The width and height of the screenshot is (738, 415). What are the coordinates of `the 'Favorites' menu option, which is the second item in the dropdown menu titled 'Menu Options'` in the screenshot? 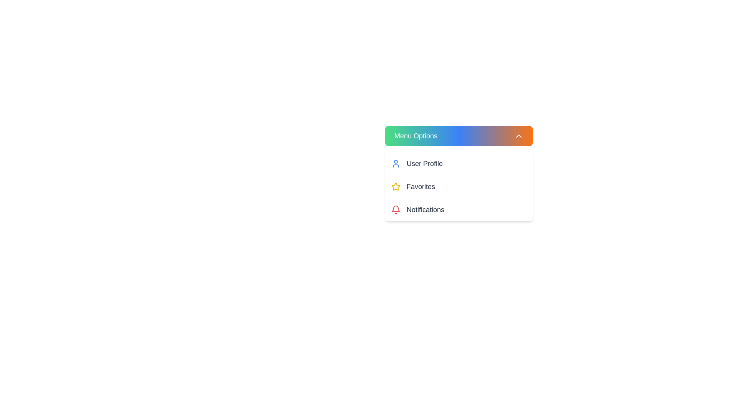 It's located at (420, 187).